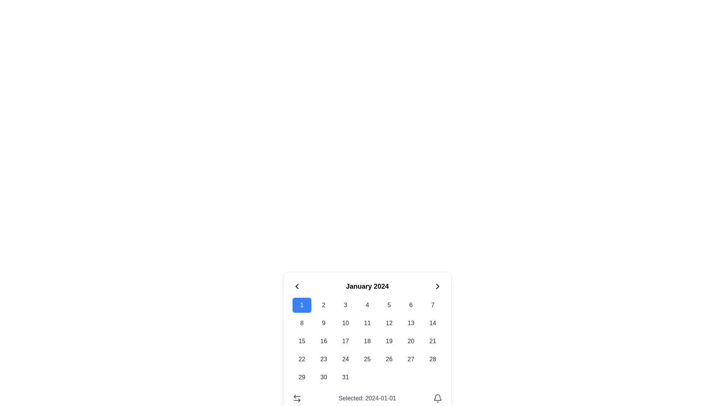  What do you see at coordinates (389, 323) in the screenshot?
I see `the button displaying the date '12' in the calendar grid` at bounding box center [389, 323].